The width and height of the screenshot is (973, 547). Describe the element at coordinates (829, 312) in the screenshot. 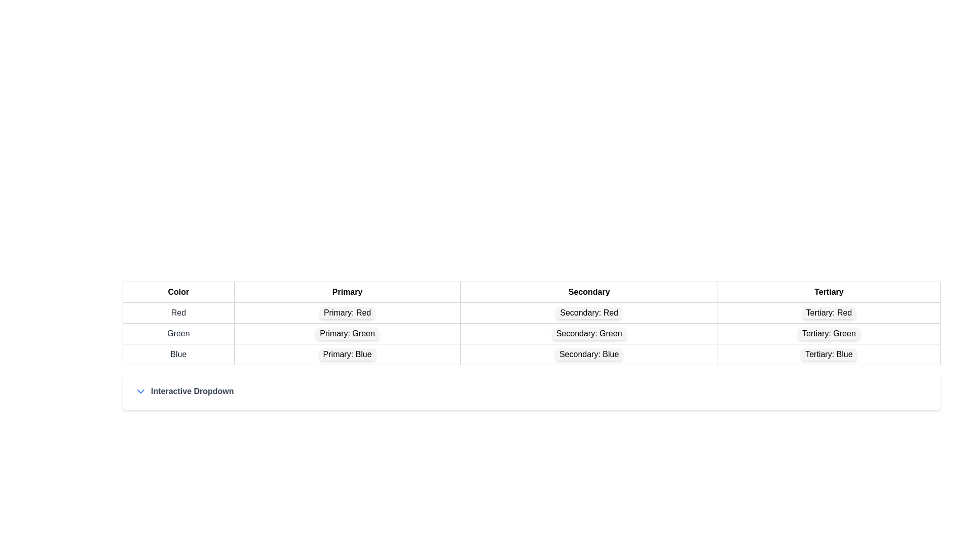

I see `the Text Label indicating the color 'Red' in the 'Tertiary' category of the table, which is located in the last column of the first row` at that location.